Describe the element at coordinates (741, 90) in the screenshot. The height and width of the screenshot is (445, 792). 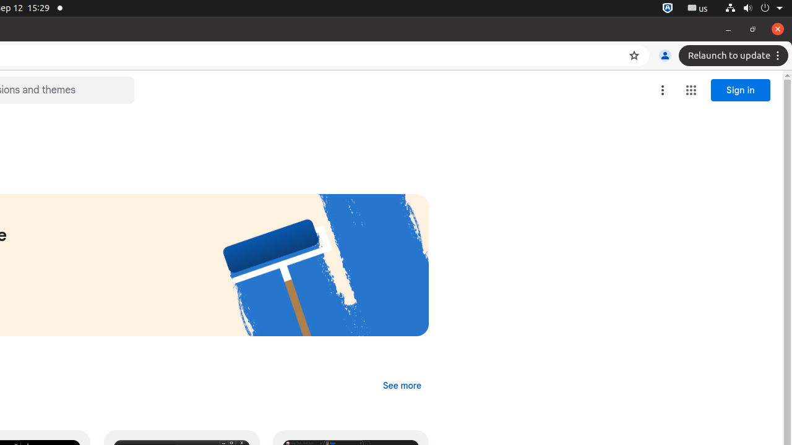
I see `'Sign in'` at that location.